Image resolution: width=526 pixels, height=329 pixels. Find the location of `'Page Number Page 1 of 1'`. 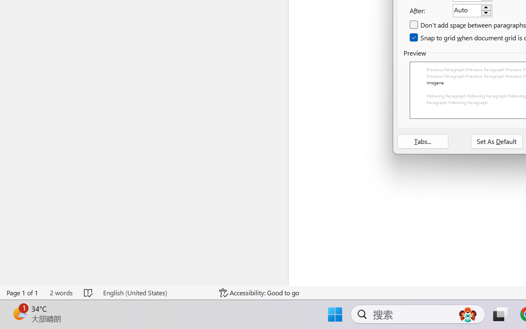

'Page Number Page 1 of 1' is located at coordinates (23, 292).